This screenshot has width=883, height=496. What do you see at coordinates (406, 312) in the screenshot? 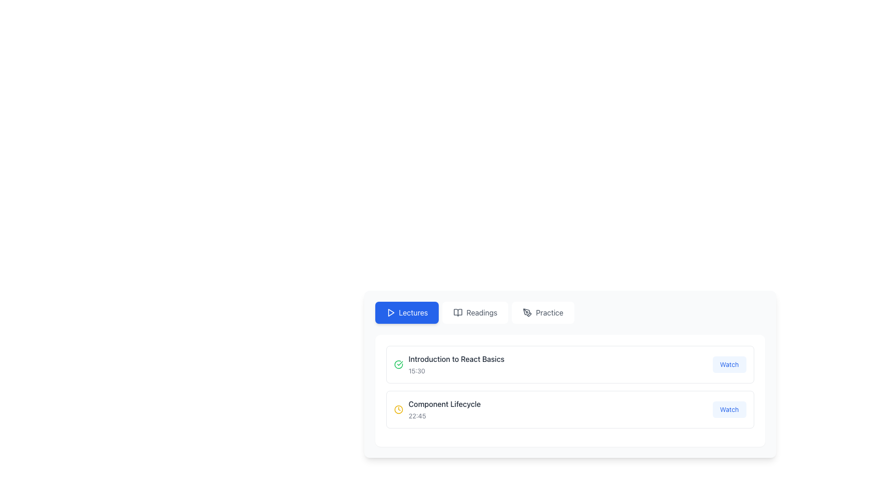
I see `the 'Lectures' button, which is a rectangular button with rounded corners, a blue background, and white text` at bounding box center [406, 312].